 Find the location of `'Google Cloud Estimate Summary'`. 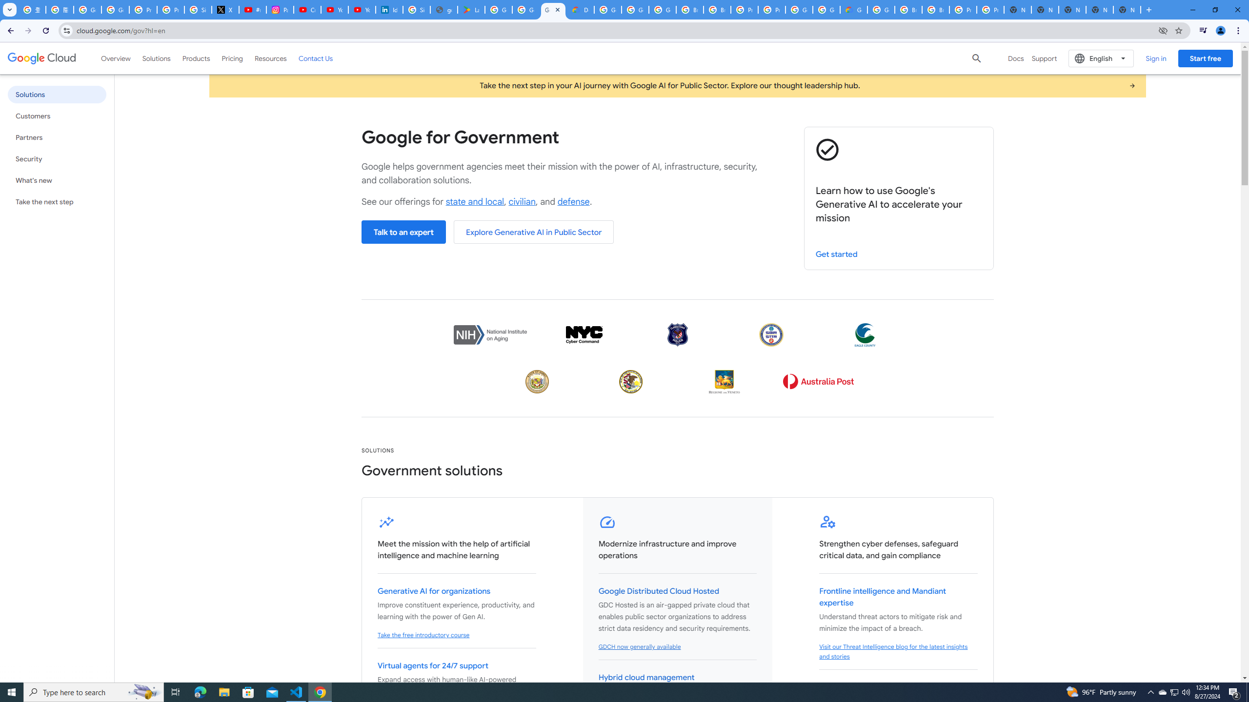

'Google Cloud Estimate Summary' is located at coordinates (853, 9).